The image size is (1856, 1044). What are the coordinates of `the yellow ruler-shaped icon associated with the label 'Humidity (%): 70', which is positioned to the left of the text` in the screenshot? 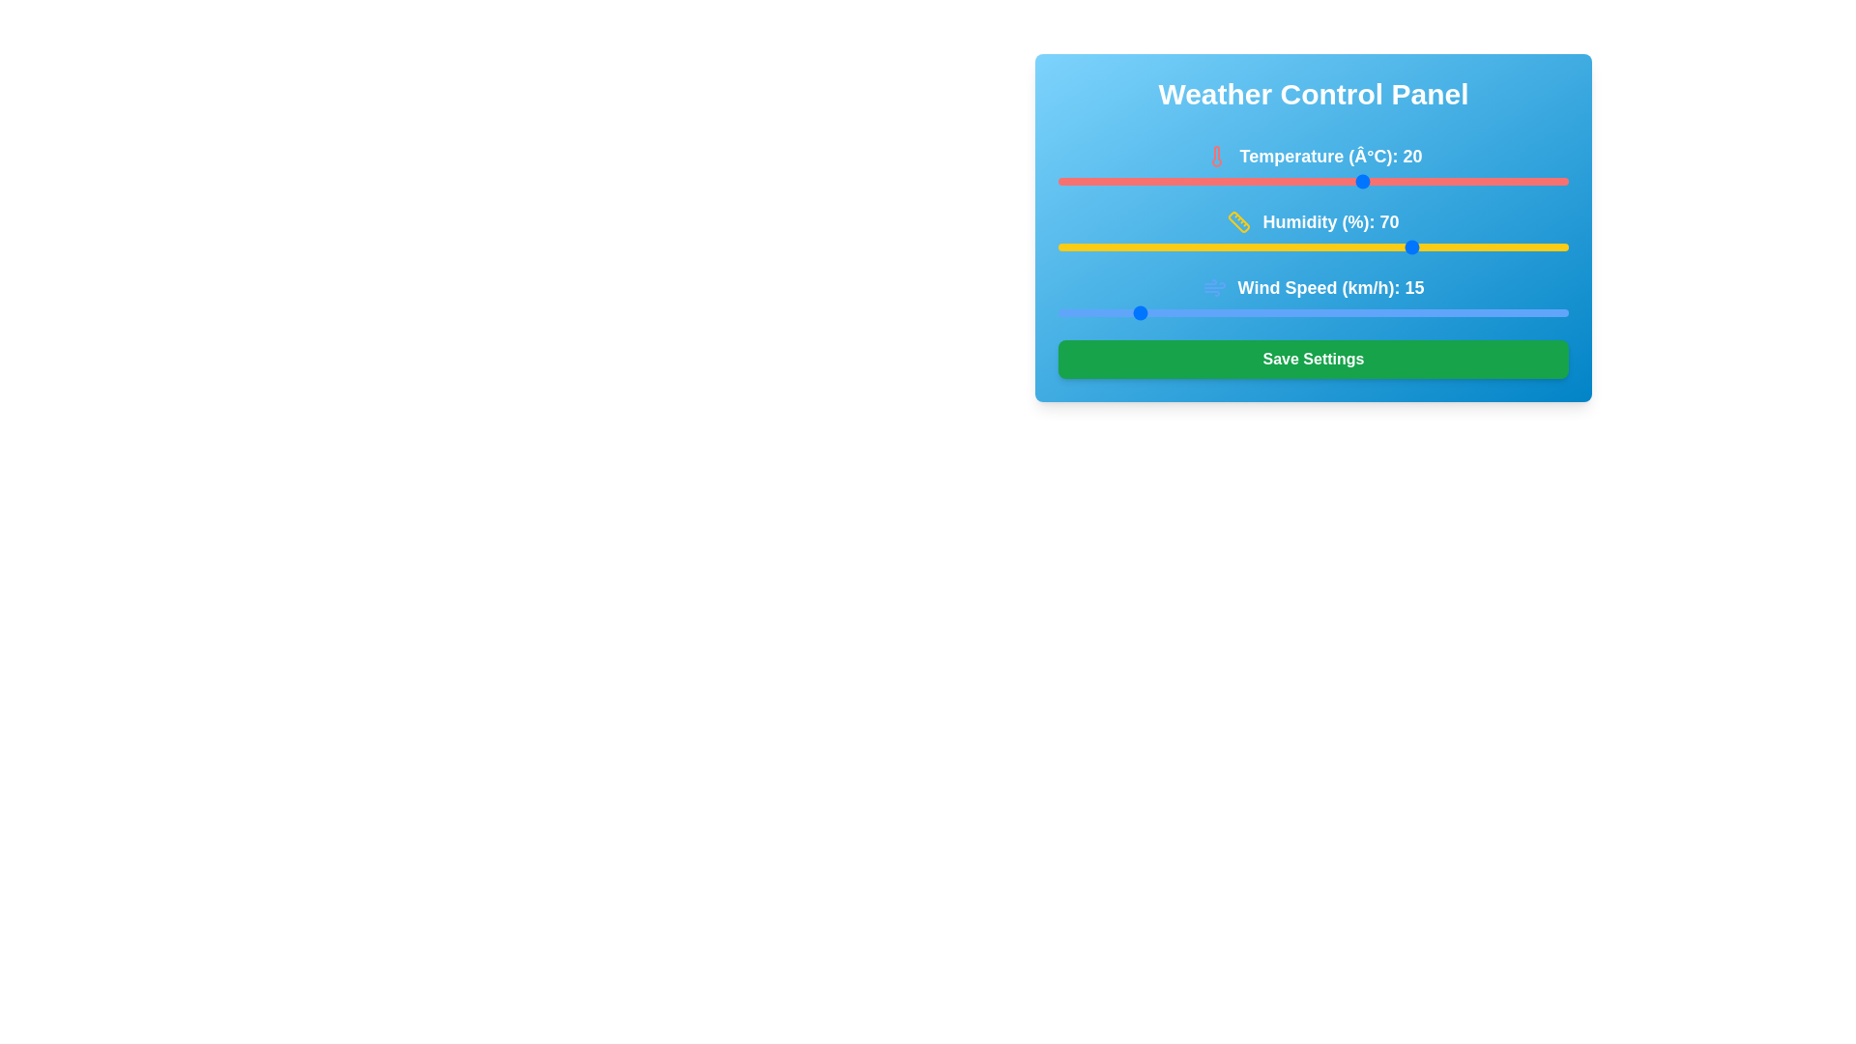 It's located at (1239, 221).